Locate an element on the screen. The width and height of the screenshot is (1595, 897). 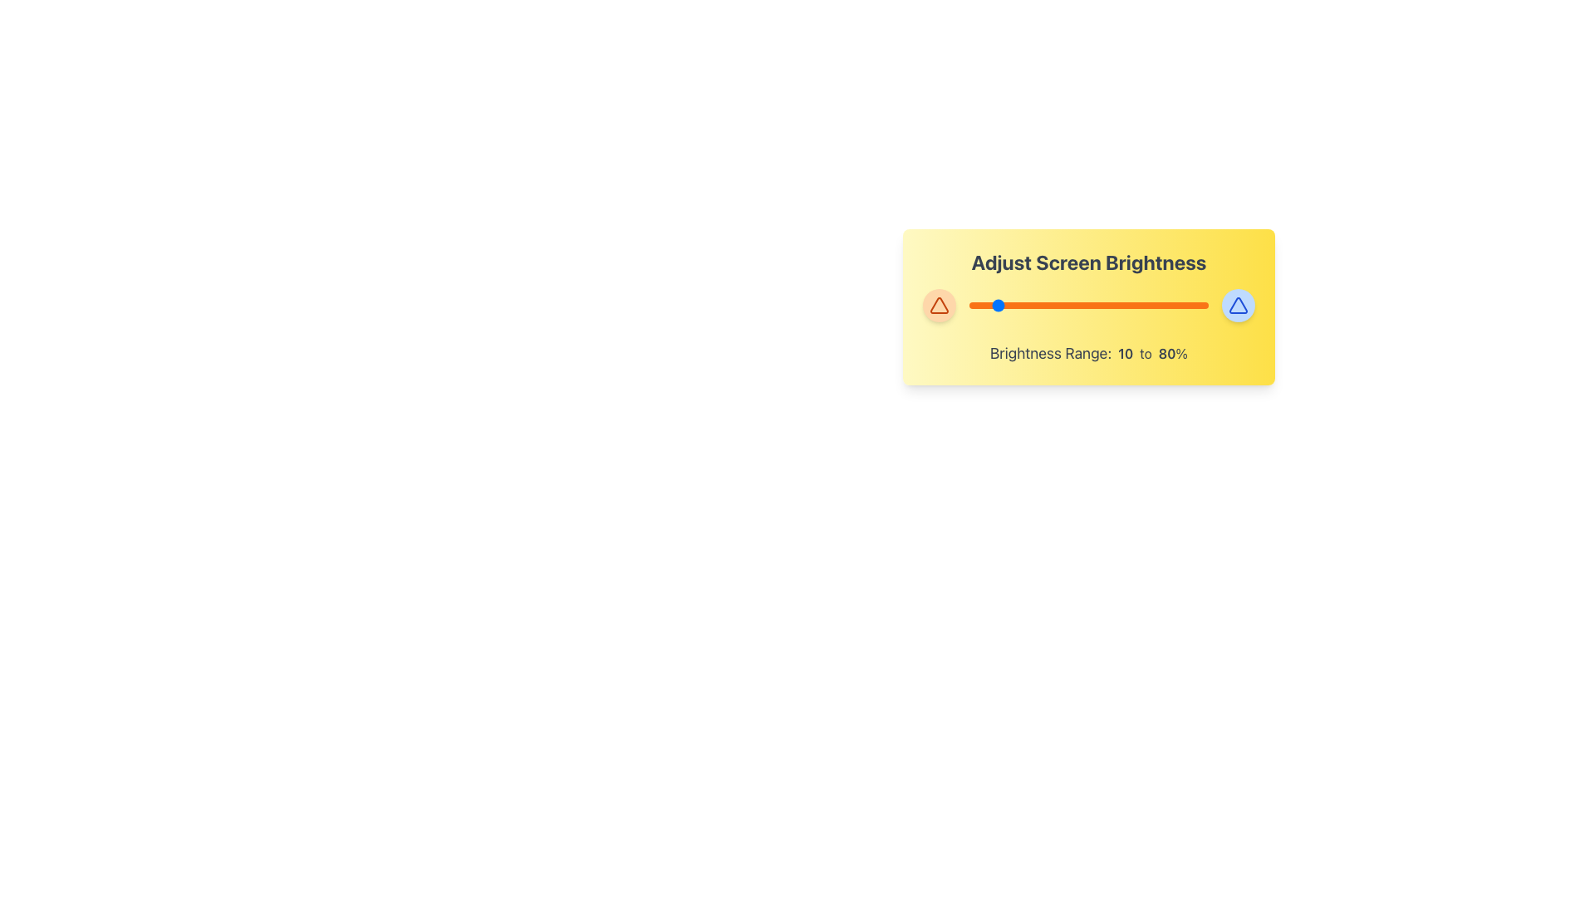
the brightness level is located at coordinates (1092, 305).